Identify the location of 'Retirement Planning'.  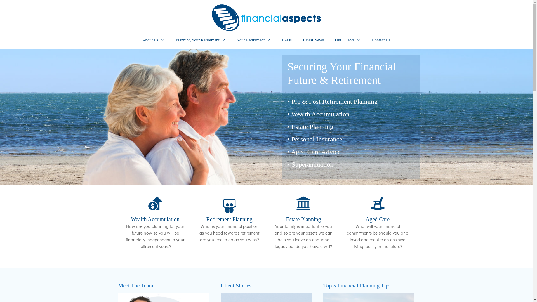
(229, 219).